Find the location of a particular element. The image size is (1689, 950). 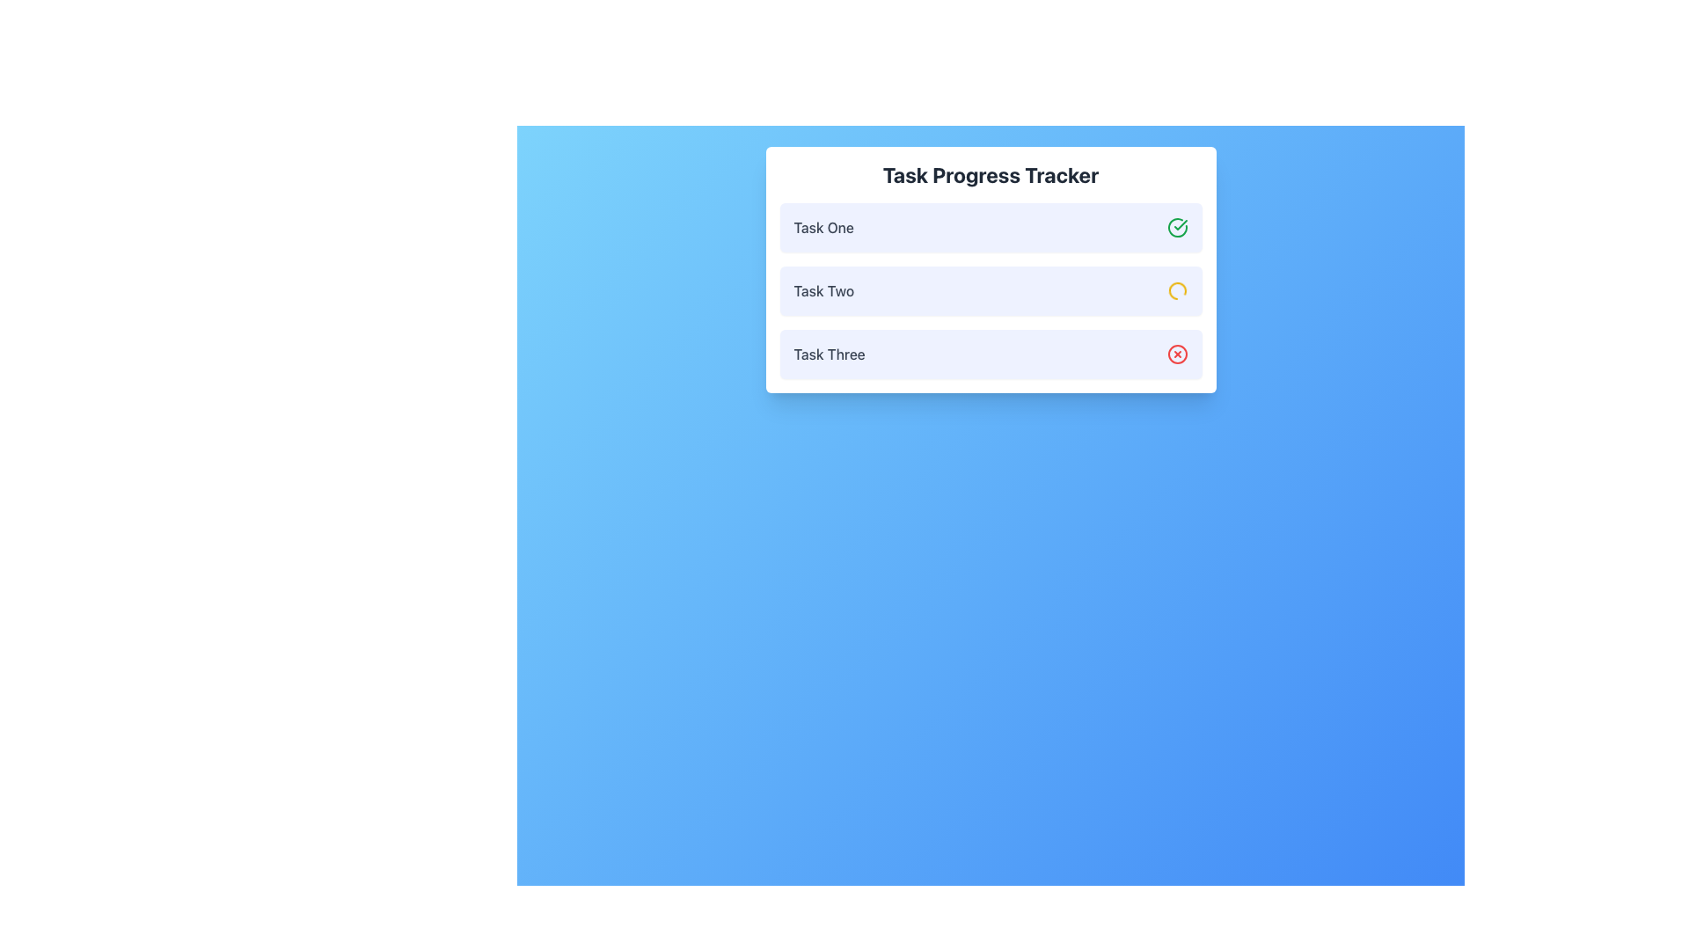

the 'Task One' label which is displayed in a medium typeface and gray color within a light indigo rectangular box is located at coordinates (823, 226).